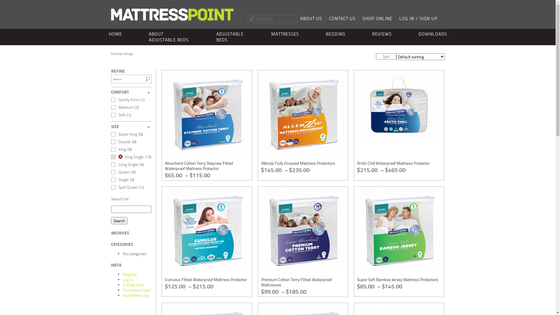 The image size is (560, 315). What do you see at coordinates (257, 34) in the screenshot?
I see `'MATTRESSES'` at bounding box center [257, 34].